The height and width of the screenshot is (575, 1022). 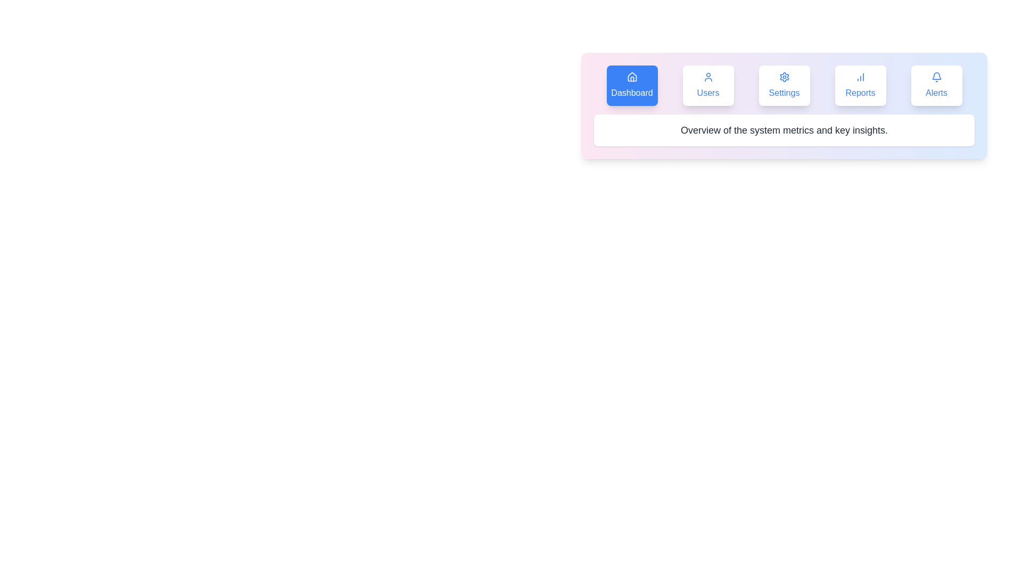 What do you see at coordinates (860, 77) in the screenshot?
I see `the 'Reports' icon in the upper section of the interface, which signifies data or analysis-related features` at bounding box center [860, 77].